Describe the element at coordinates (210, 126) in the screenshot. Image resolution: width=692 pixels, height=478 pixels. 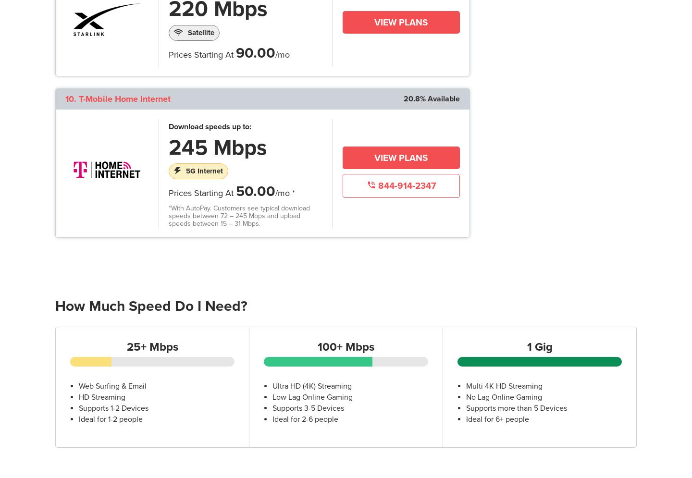
I see `'Download speeds up to:'` at that location.